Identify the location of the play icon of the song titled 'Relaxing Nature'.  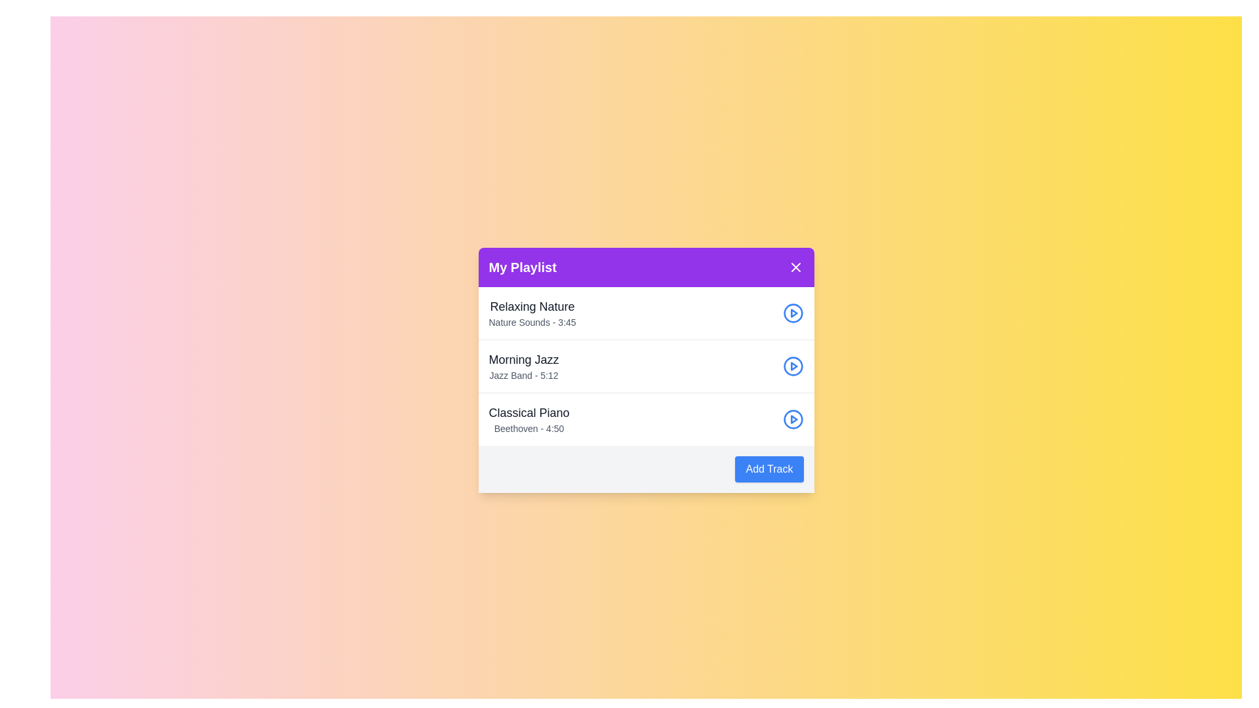
(792, 313).